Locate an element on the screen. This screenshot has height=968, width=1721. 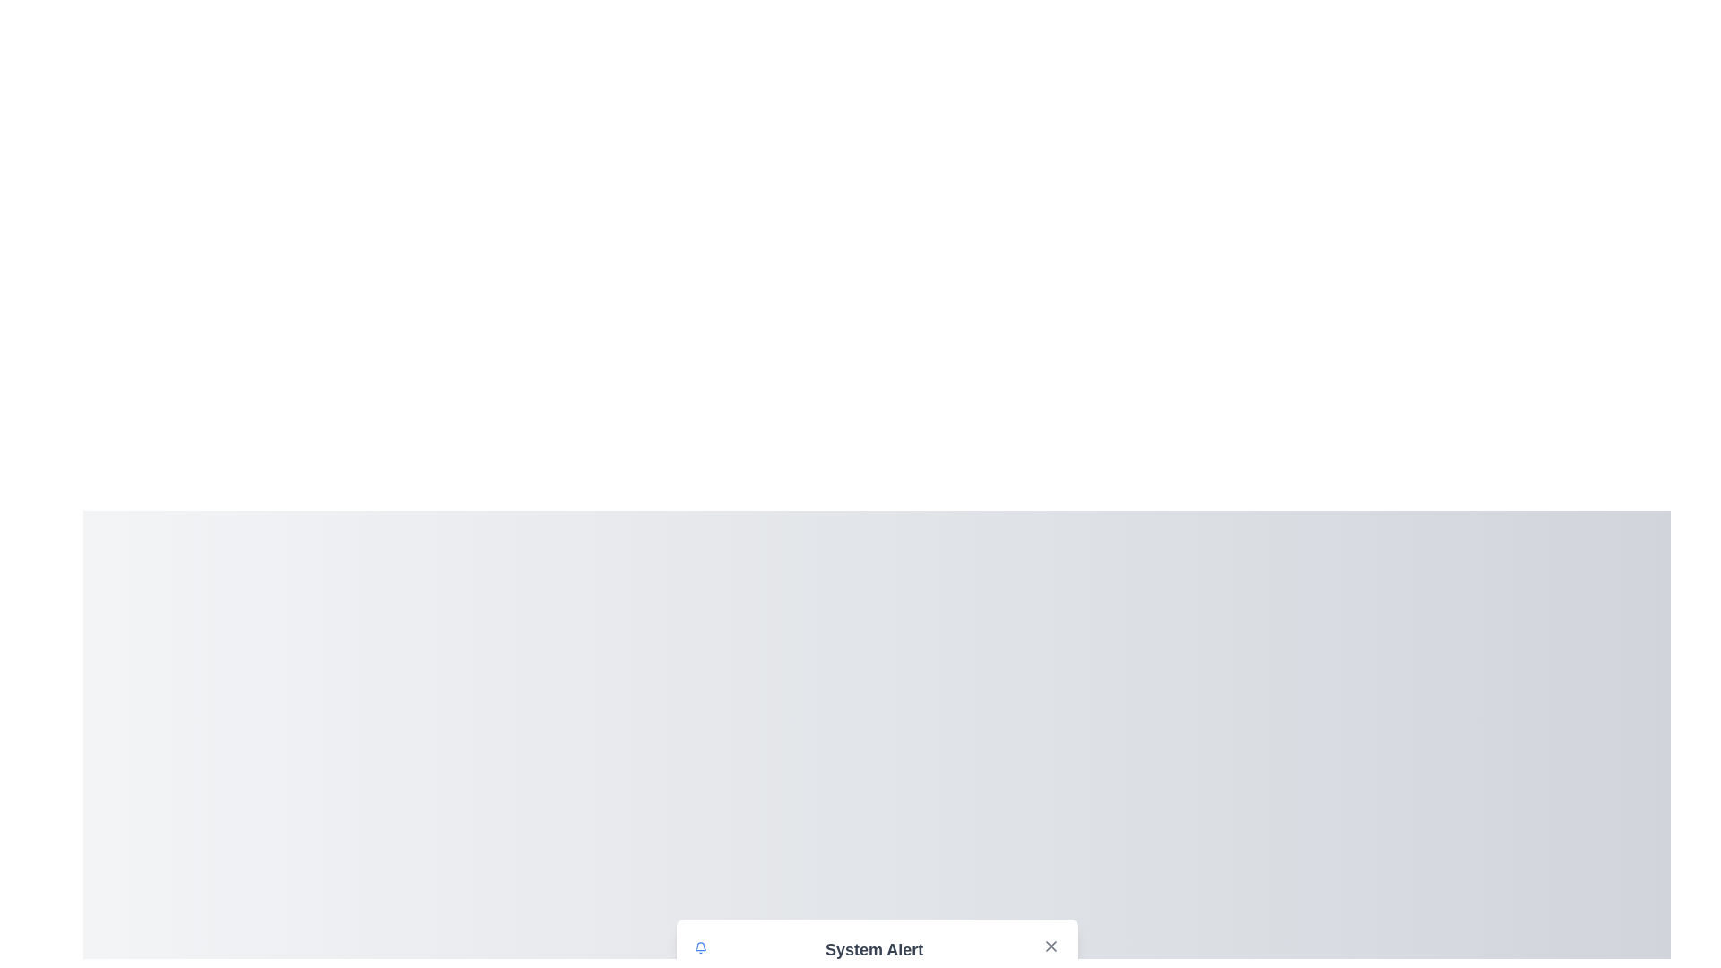
the close button of the notification message titled 'System Alert' is located at coordinates (1051, 946).